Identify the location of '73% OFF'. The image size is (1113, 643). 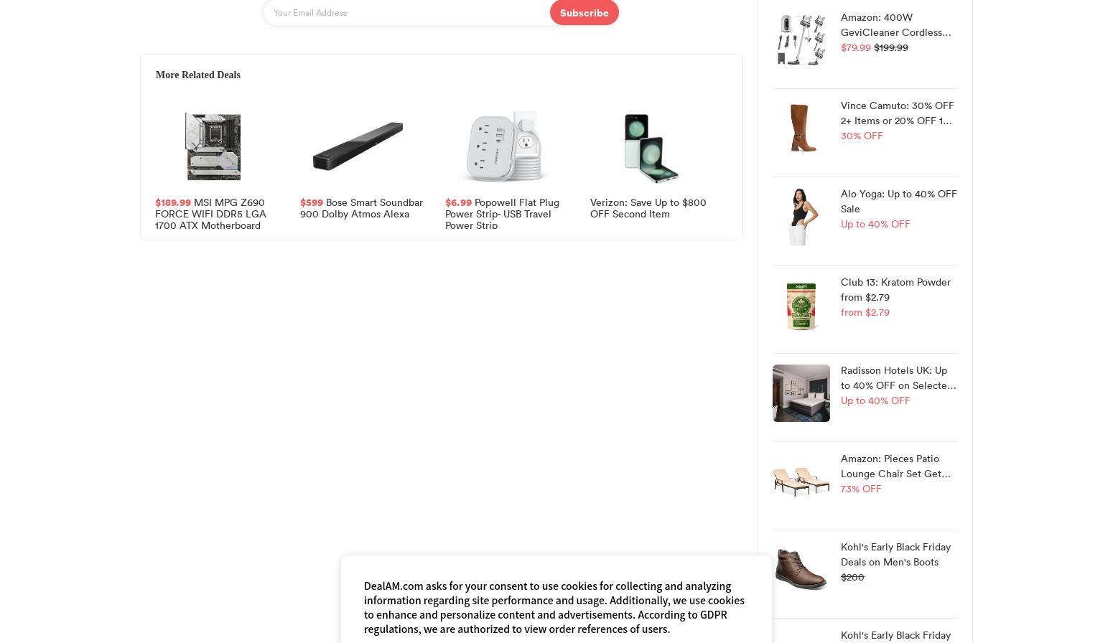
(861, 488).